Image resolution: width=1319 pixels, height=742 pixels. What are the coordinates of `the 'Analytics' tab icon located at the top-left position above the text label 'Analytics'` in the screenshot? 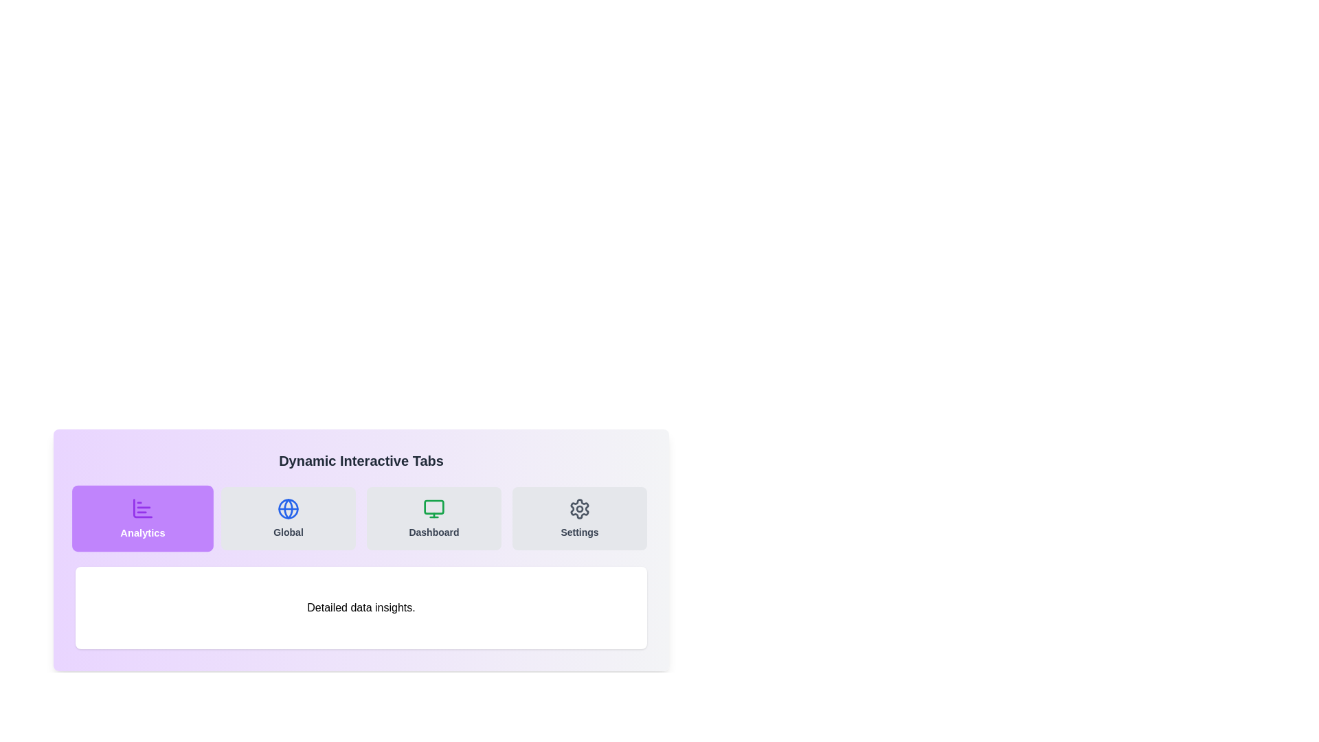 It's located at (142, 508).